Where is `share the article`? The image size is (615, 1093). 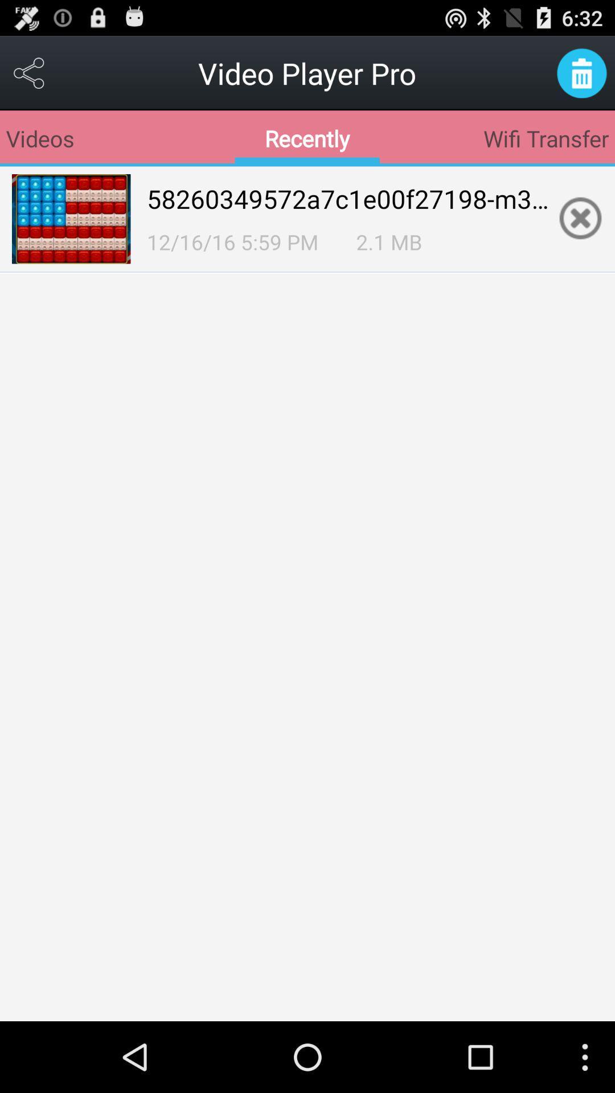
share the article is located at coordinates (29, 72).